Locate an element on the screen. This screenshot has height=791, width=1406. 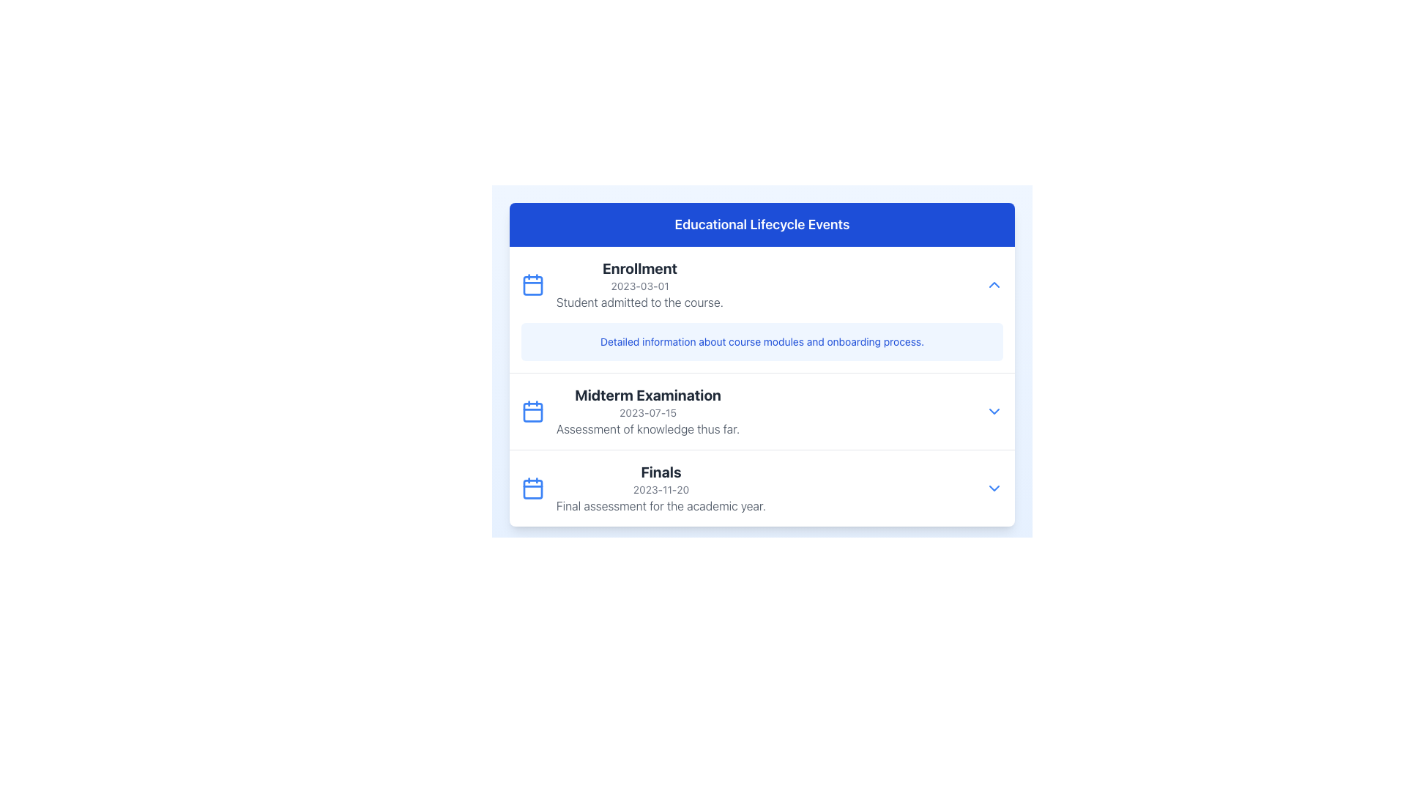
the static text providing additional information about the 'Enrollment' milestone in the educational lifecycle events timeline, located in the center-right section of the interface within the 'Educational Lifecycle Events' panel is located at coordinates (639, 301).